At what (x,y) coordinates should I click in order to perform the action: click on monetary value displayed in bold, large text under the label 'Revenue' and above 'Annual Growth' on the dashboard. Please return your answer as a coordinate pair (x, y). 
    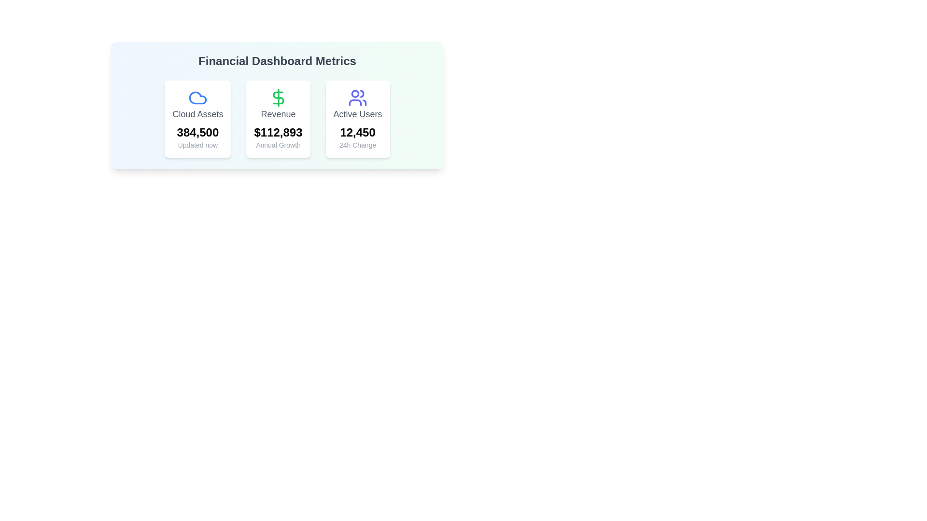
    Looking at the image, I should click on (278, 132).